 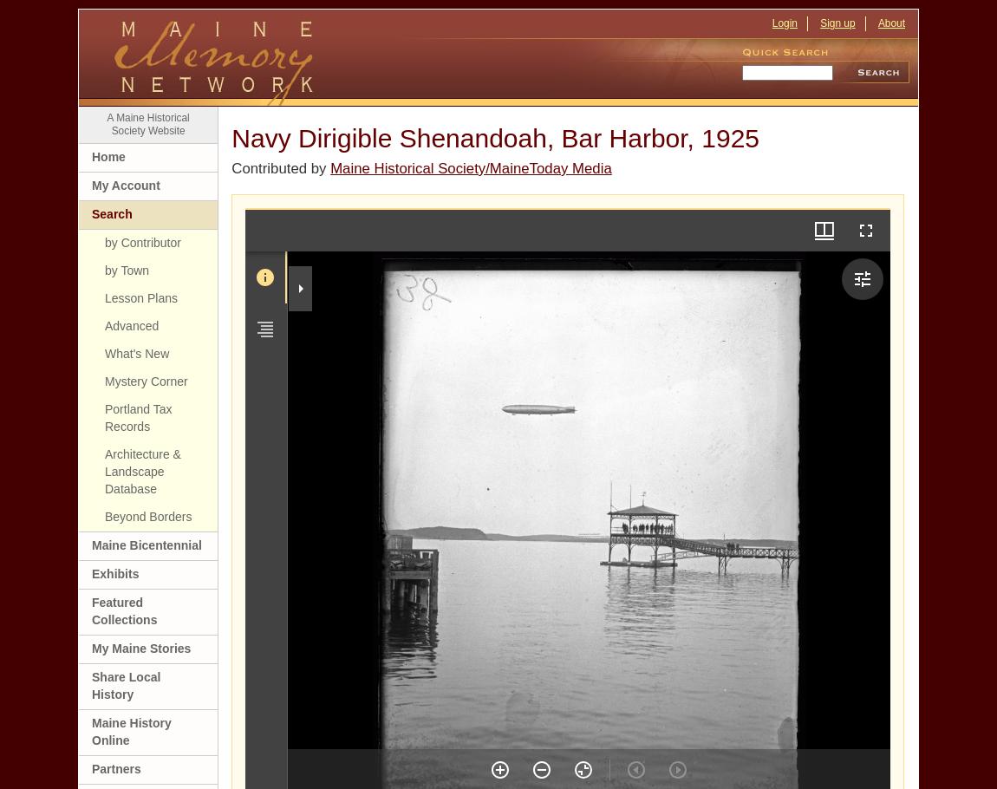 I want to click on 'My Account', so click(x=125, y=184).